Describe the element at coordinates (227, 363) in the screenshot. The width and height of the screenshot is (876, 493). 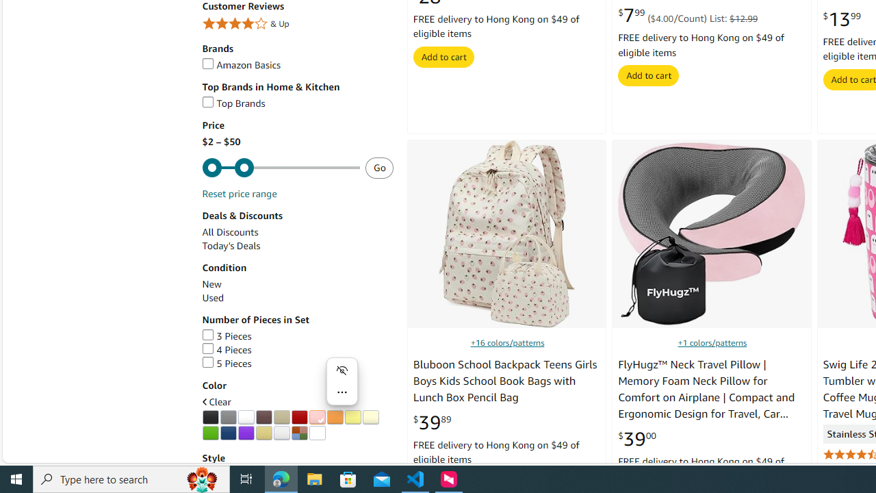
I see `'5 Pieces'` at that location.